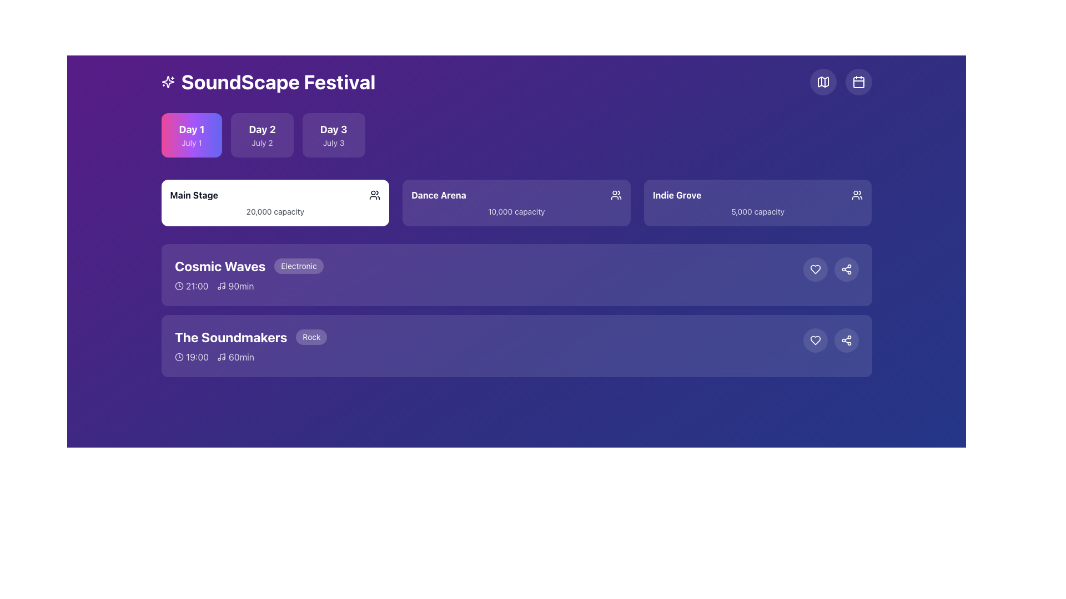 This screenshot has width=1066, height=599. What do you see at coordinates (220, 266) in the screenshot?
I see `the text label or heading that describes the event titled 'Cosmic Waves', which is located below the 'Main Stage' section and to the left of the 'Electronic' label` at bounding box center [220, 266].